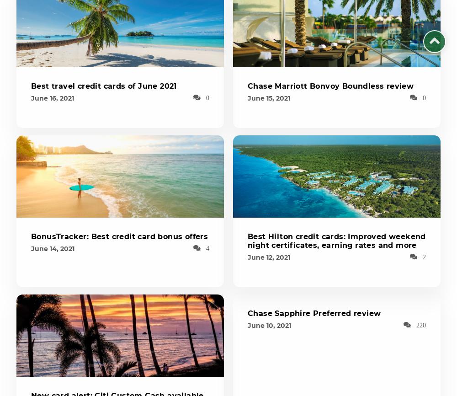 The image size is (457, 396). Describe the element at coordinates (330, 86) in the screenshot. I see `'Chase Marriott Bonvoy Boundless review'` at that location.